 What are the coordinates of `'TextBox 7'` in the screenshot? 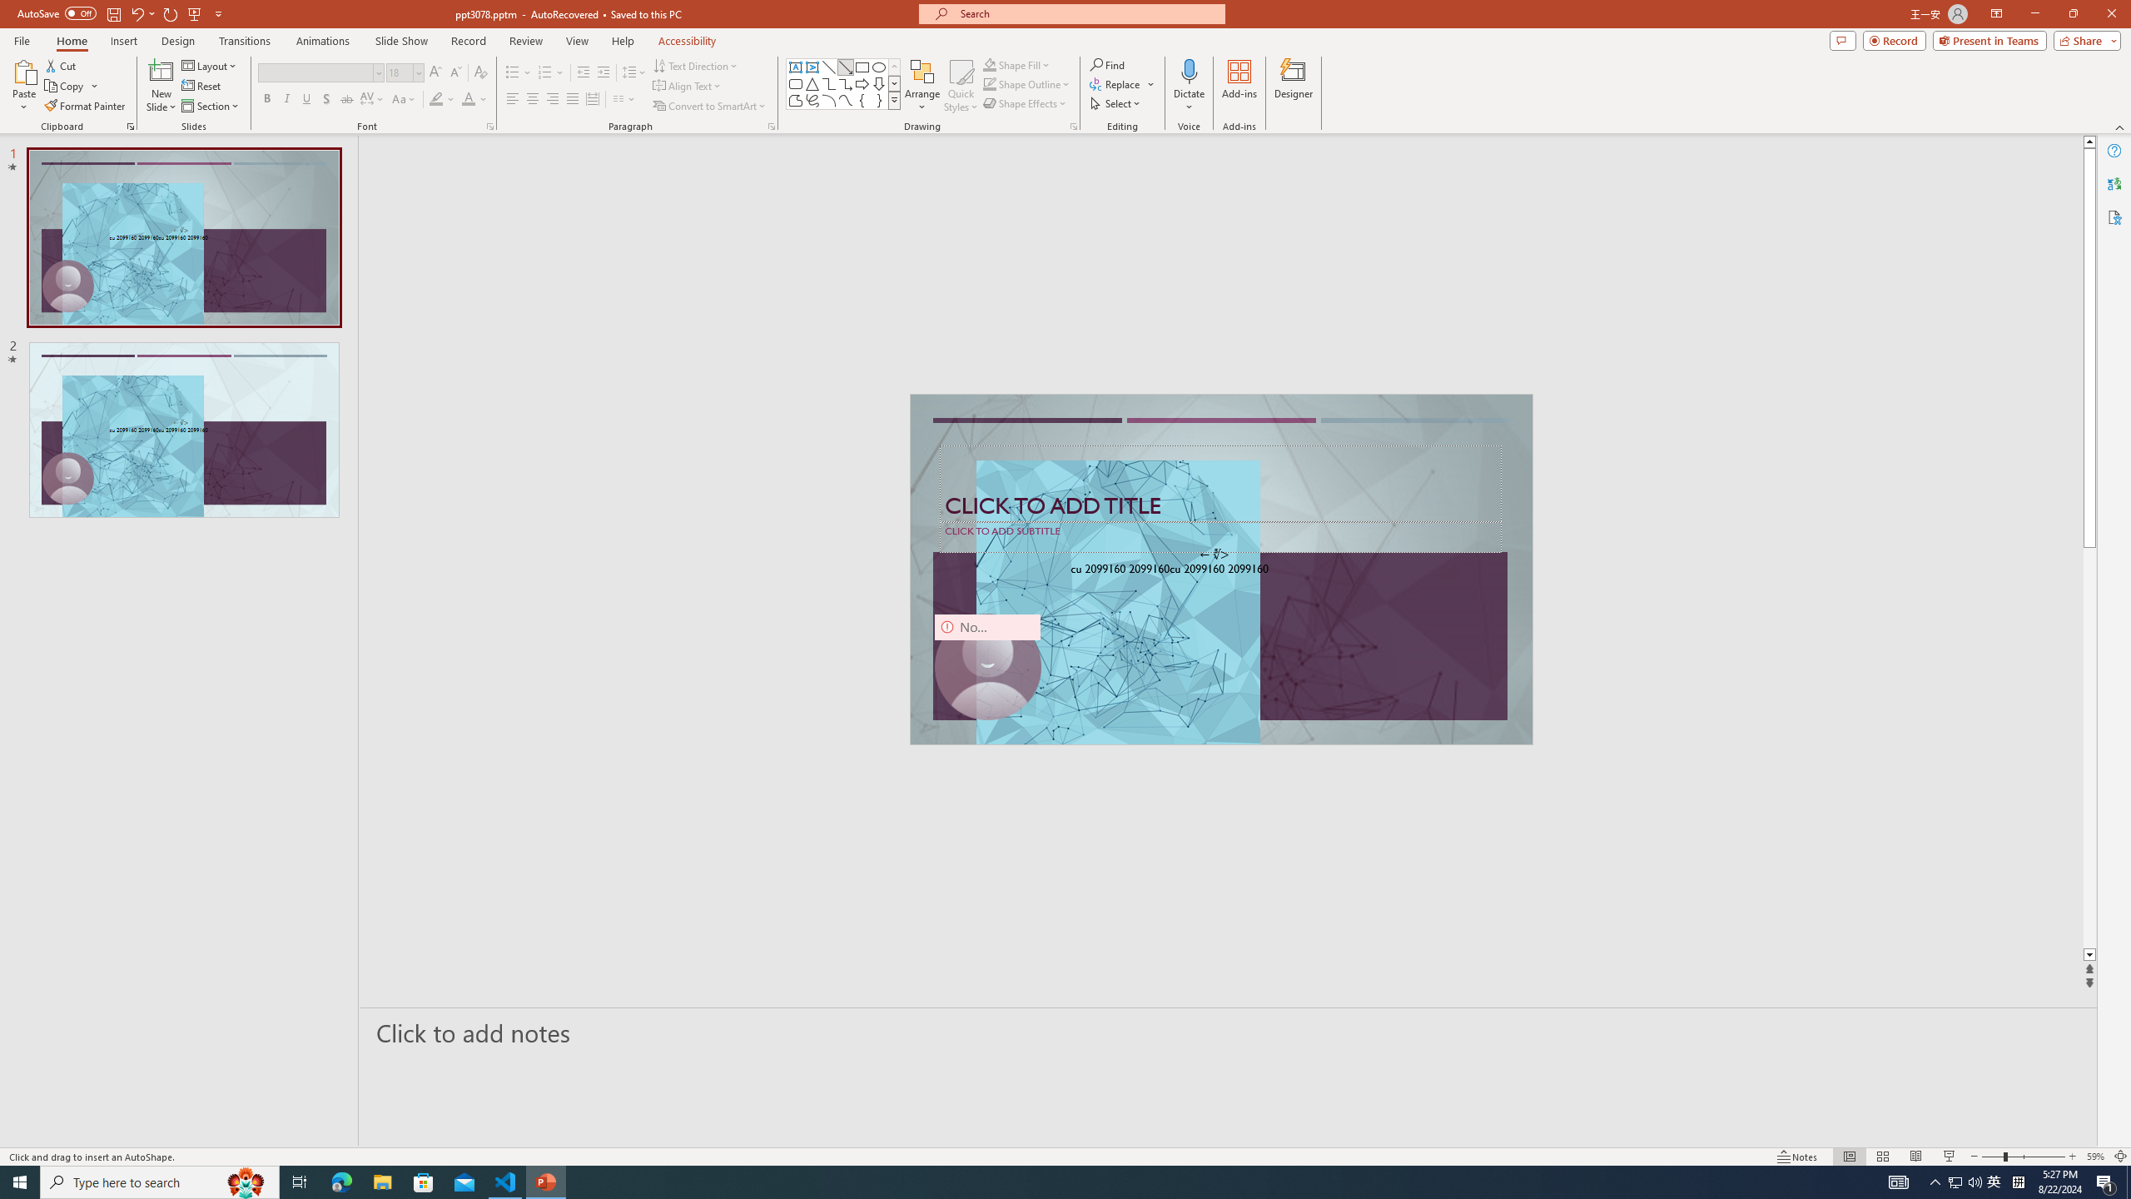 It's located at (1215, 555).